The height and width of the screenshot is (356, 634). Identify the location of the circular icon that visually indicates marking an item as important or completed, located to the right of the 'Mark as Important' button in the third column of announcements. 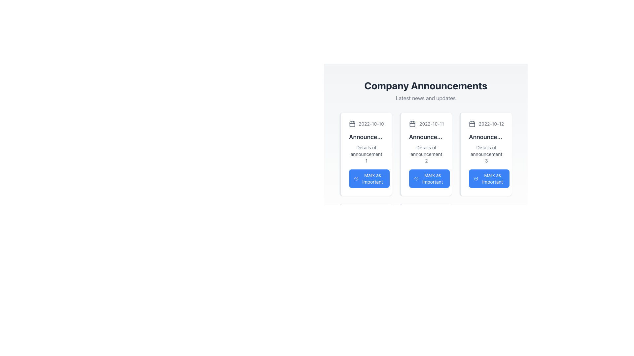
(476, 179).